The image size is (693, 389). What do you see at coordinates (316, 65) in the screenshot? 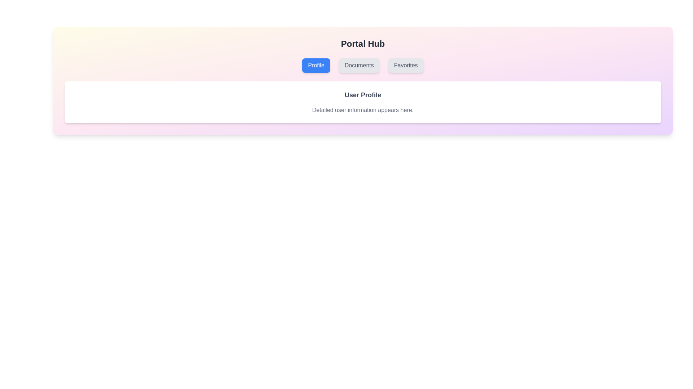
I see `the 'Profile' button, which is a rectangular button with rounded corners, blue background, and white text, positioned to the left of the 'Documents' and 'Favorites' buttons under the 'Portal Hub' heading` at bounding box center [316, 65].